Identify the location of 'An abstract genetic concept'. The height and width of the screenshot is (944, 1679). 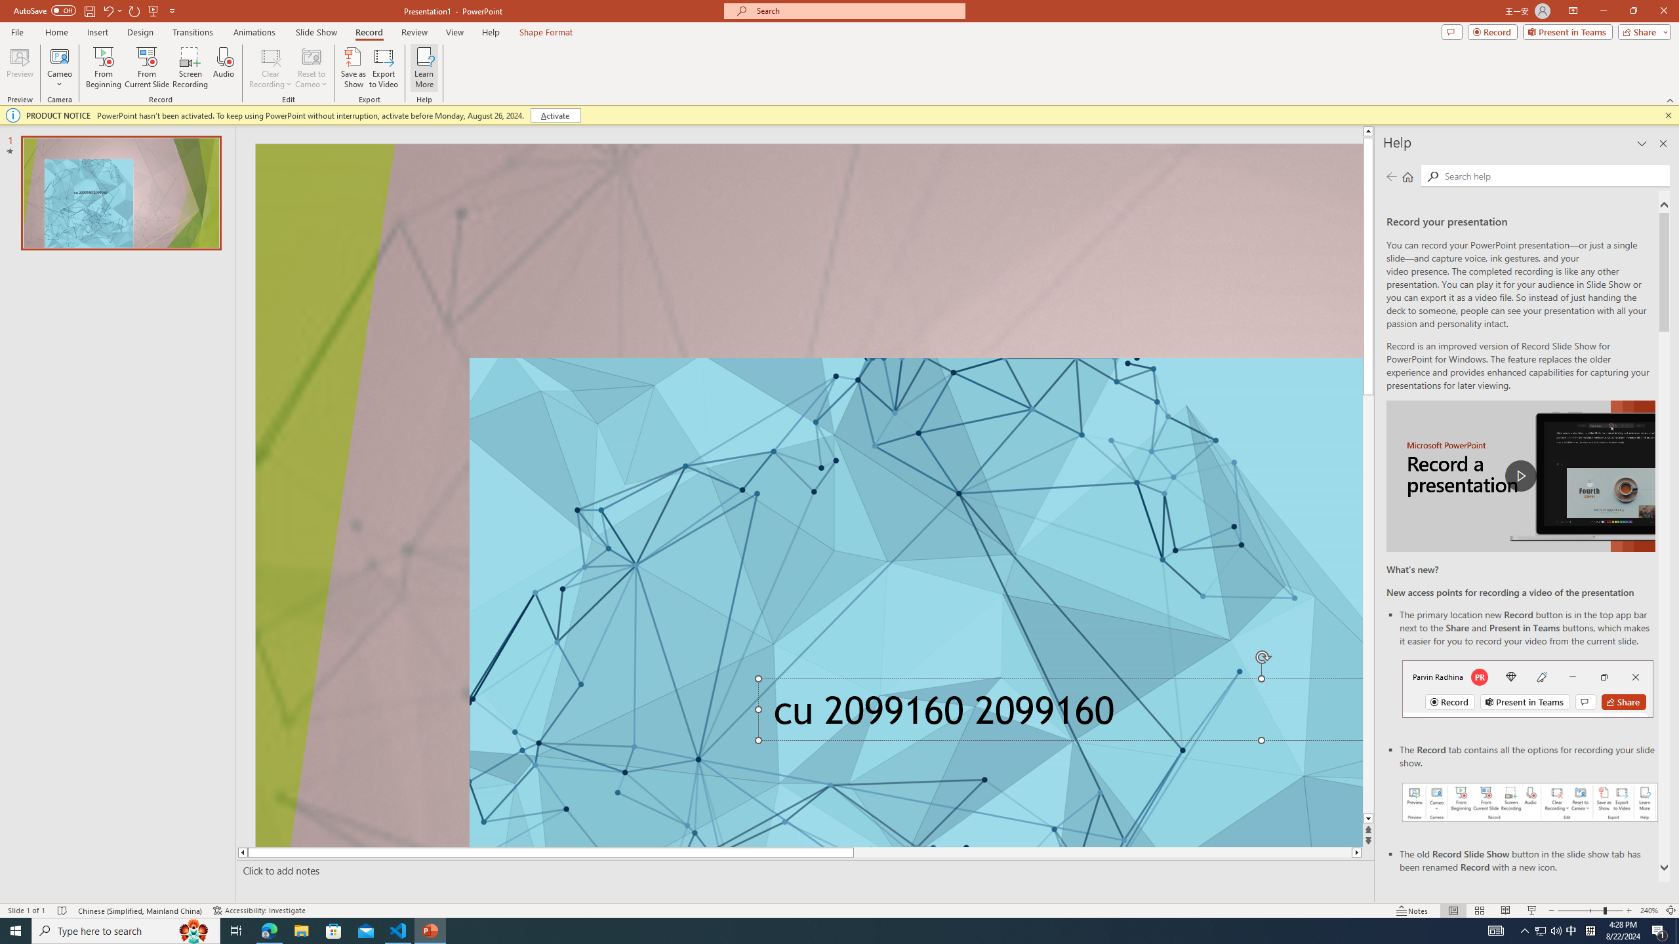
(808, 495).